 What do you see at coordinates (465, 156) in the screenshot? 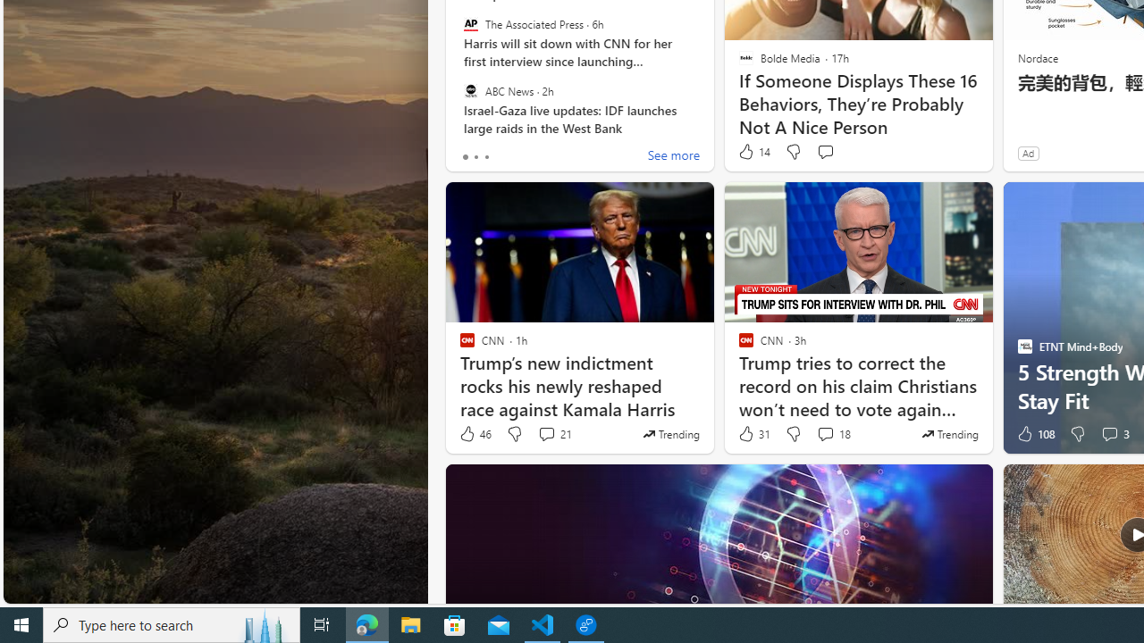
I see `'tab-0'` at bounding box center [465, 156].